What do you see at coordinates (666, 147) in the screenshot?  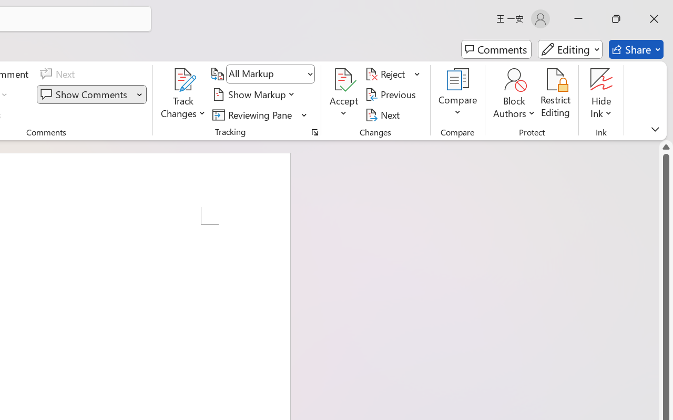 I see `'Line up'` at bounding box center [666, 147].